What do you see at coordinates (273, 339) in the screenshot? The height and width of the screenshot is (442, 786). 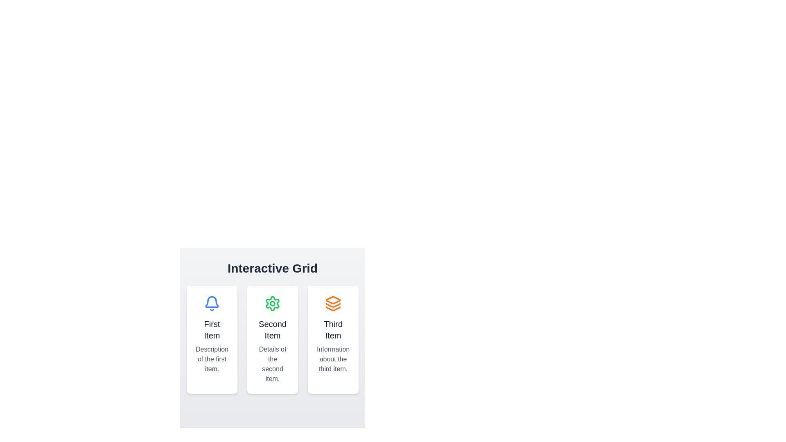 I see `the second Item Card in the Interactive Grid section, which contains an icon, a label, and descriptive text` at bounding box center [273, 339].